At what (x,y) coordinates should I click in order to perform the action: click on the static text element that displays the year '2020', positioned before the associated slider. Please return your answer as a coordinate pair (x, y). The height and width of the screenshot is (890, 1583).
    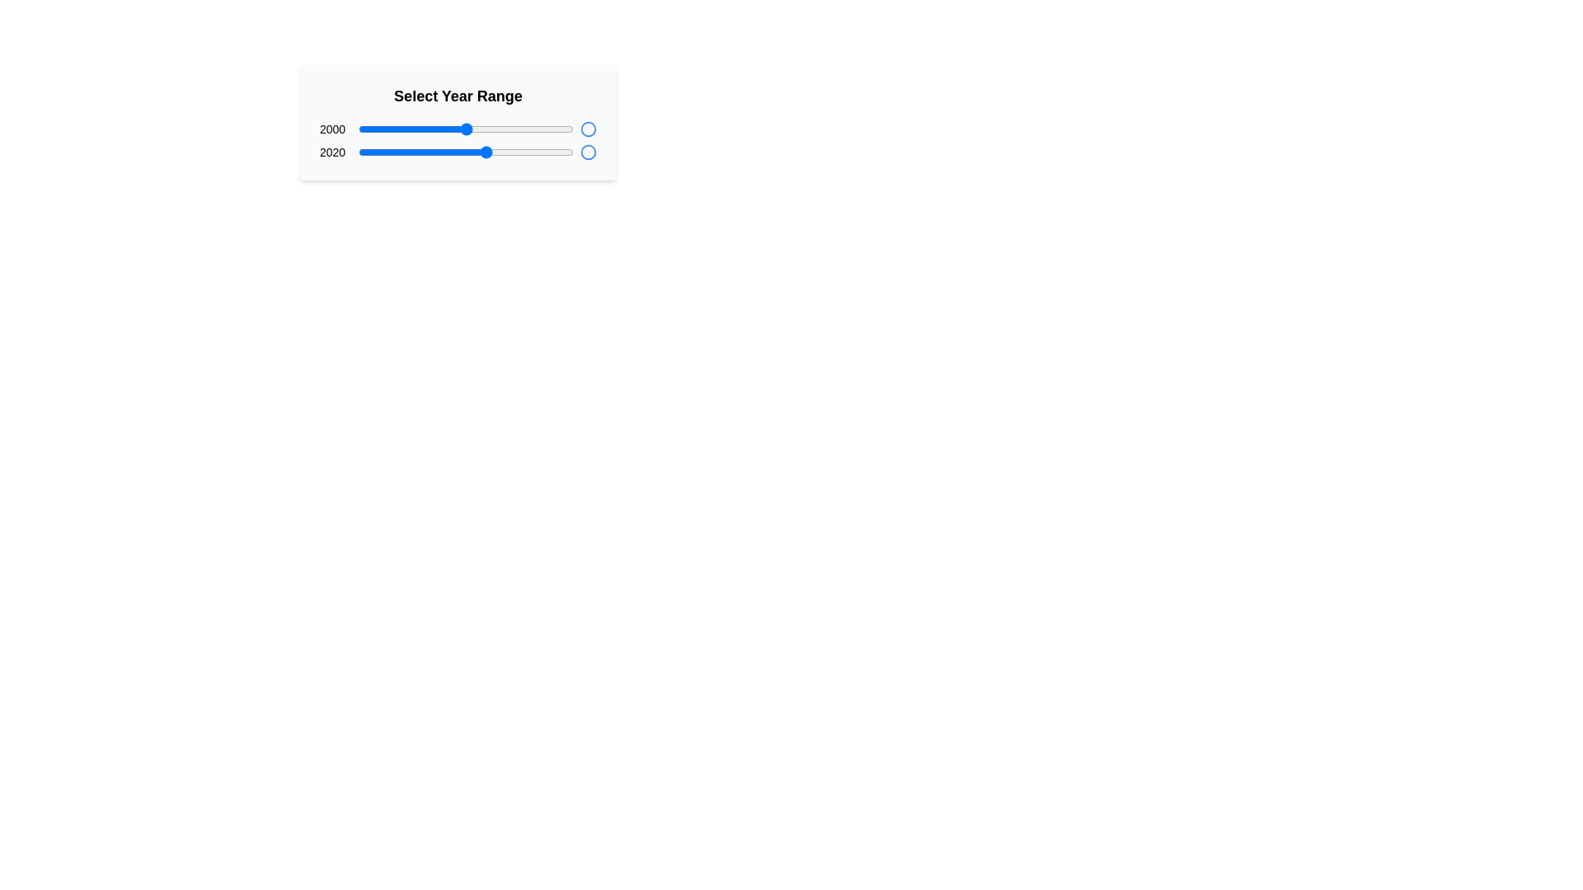
    Looking at the image, I should click on (331, 152).